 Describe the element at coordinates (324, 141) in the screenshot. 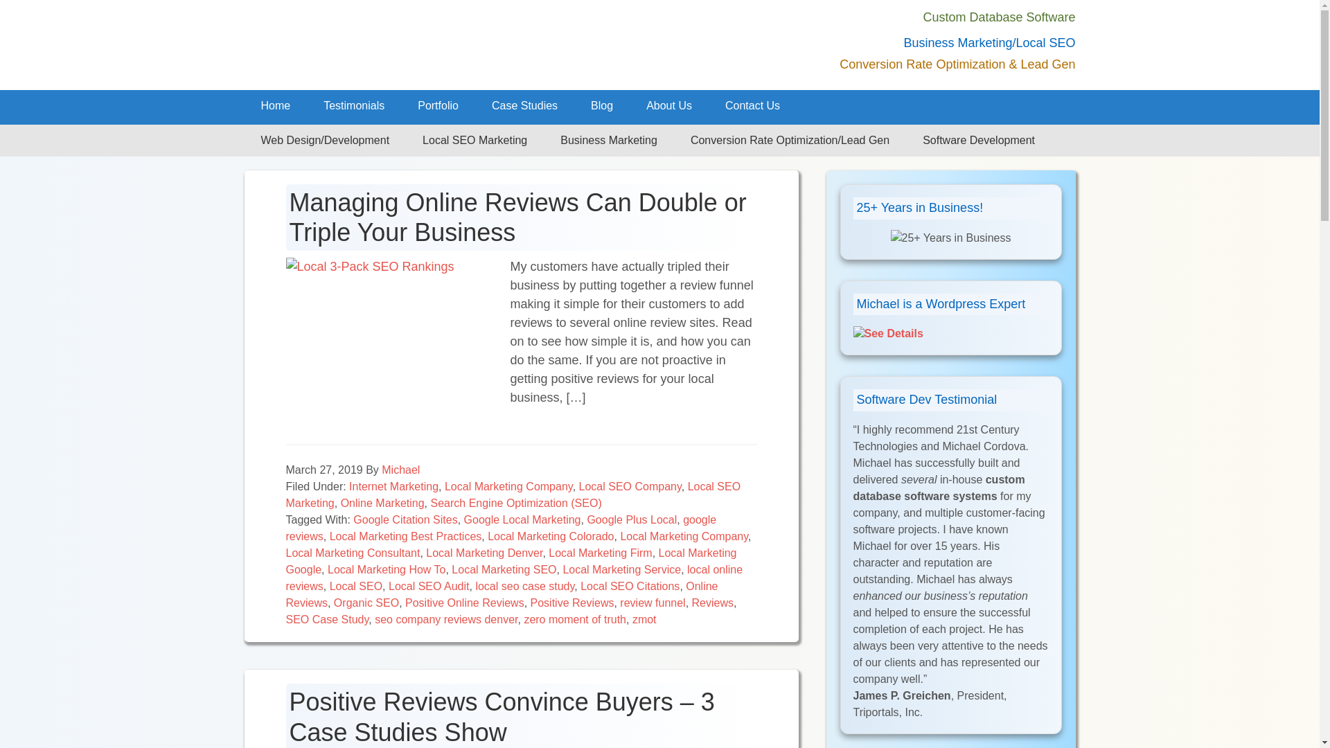

I see `'Web Design/Development'` at that location.